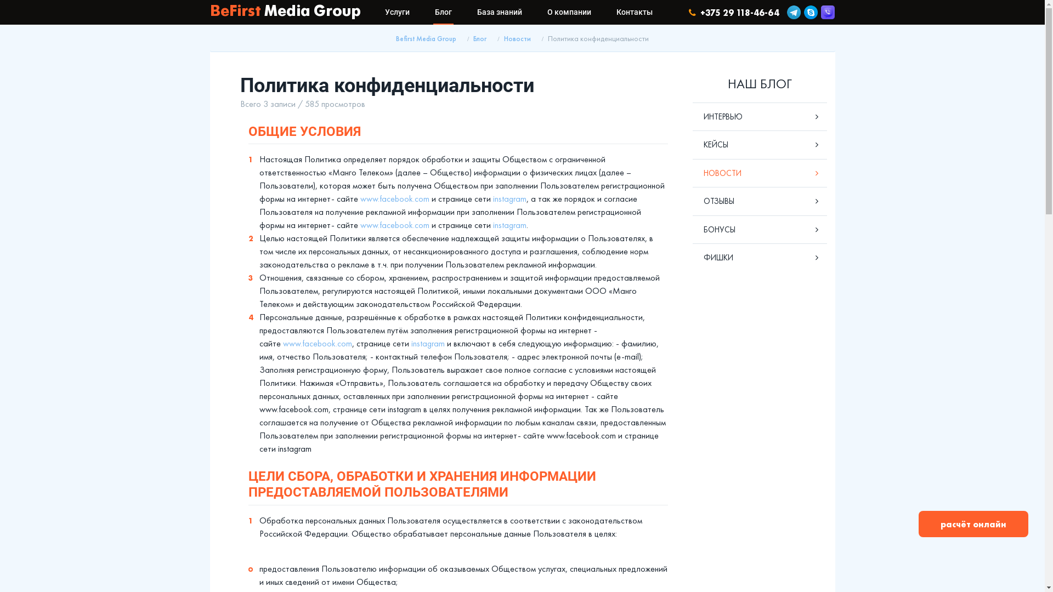 This screenshot has width=1053, height=592. Describe the element at coordinates (508, 198) in the screenshot. I see `'instagram'` at that location.